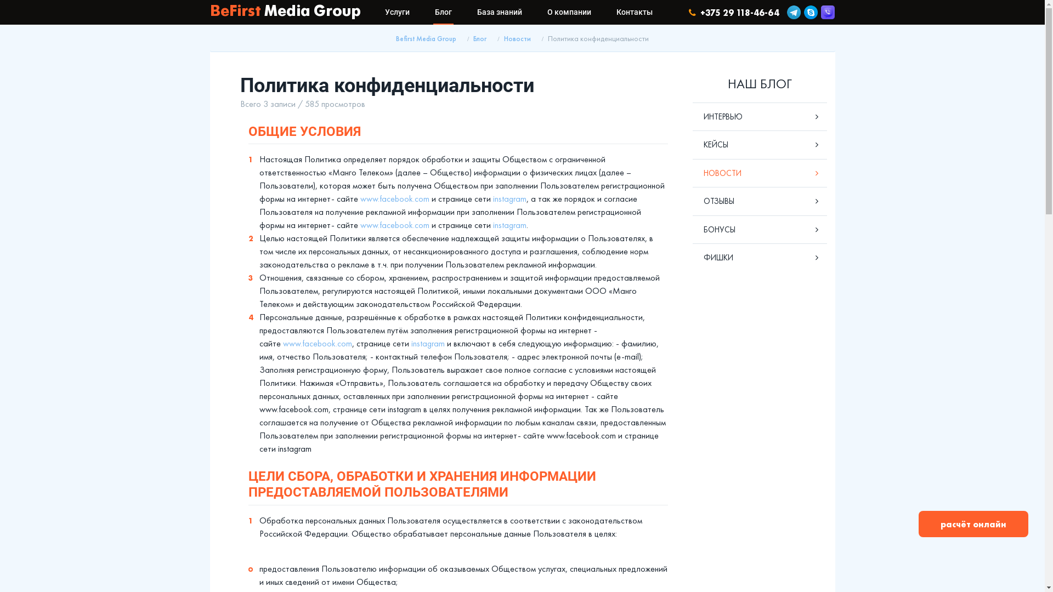 This screenshot has width=1053, height=592. Describe the element at coordinates (508, 198) in the screenshot. I see `'instagram'` at that location.